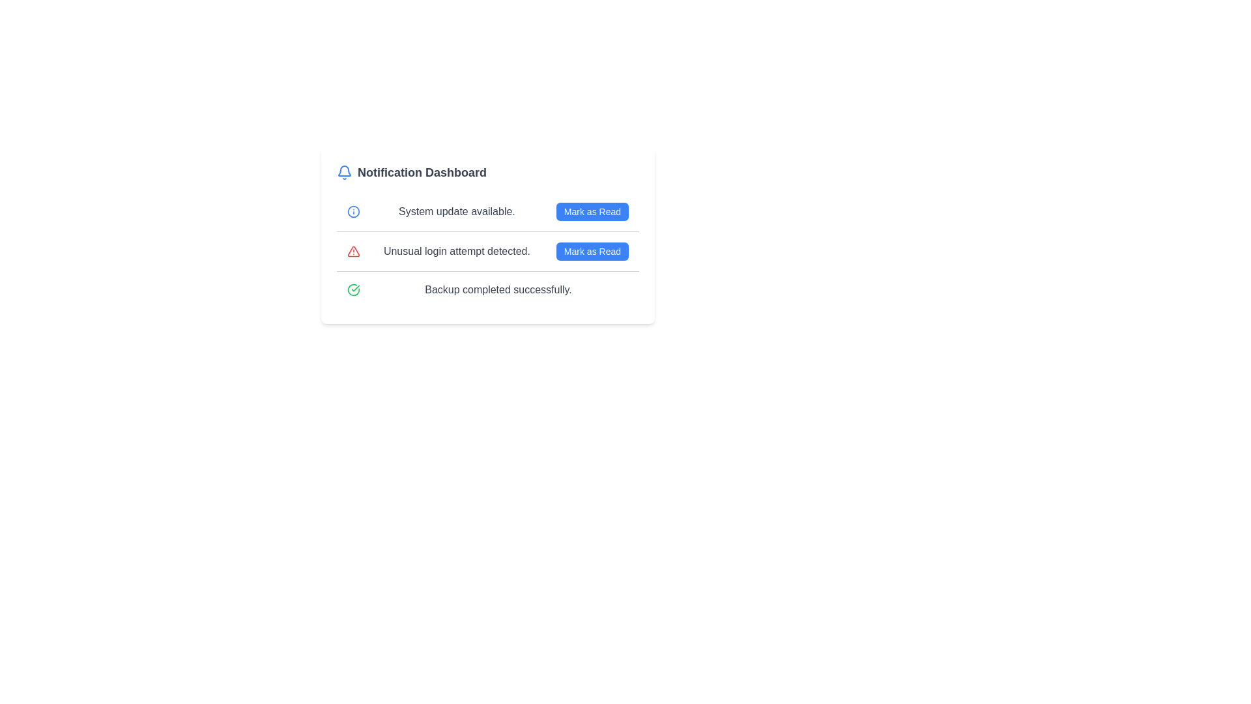 The image size is (1251, 704). I want to click on the text label that states 'Unusual login attempt detected.' within the second notification item of the notification dashboard, so click(457, 251).